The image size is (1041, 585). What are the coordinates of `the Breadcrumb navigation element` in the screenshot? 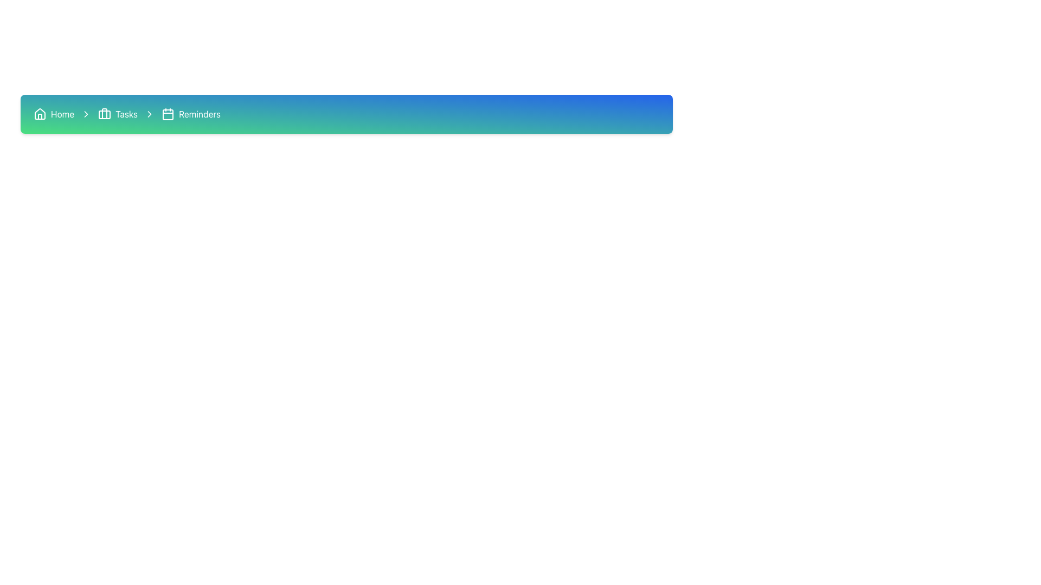 It's located at (346, 114).